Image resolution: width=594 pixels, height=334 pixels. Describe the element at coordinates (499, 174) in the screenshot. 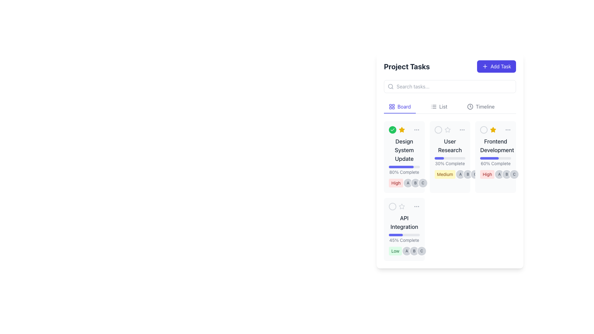

I see `the decorative label or tag that represents an attribute related to the 'Frontend Development' task, positioned next to the 'High' tag` at that location.